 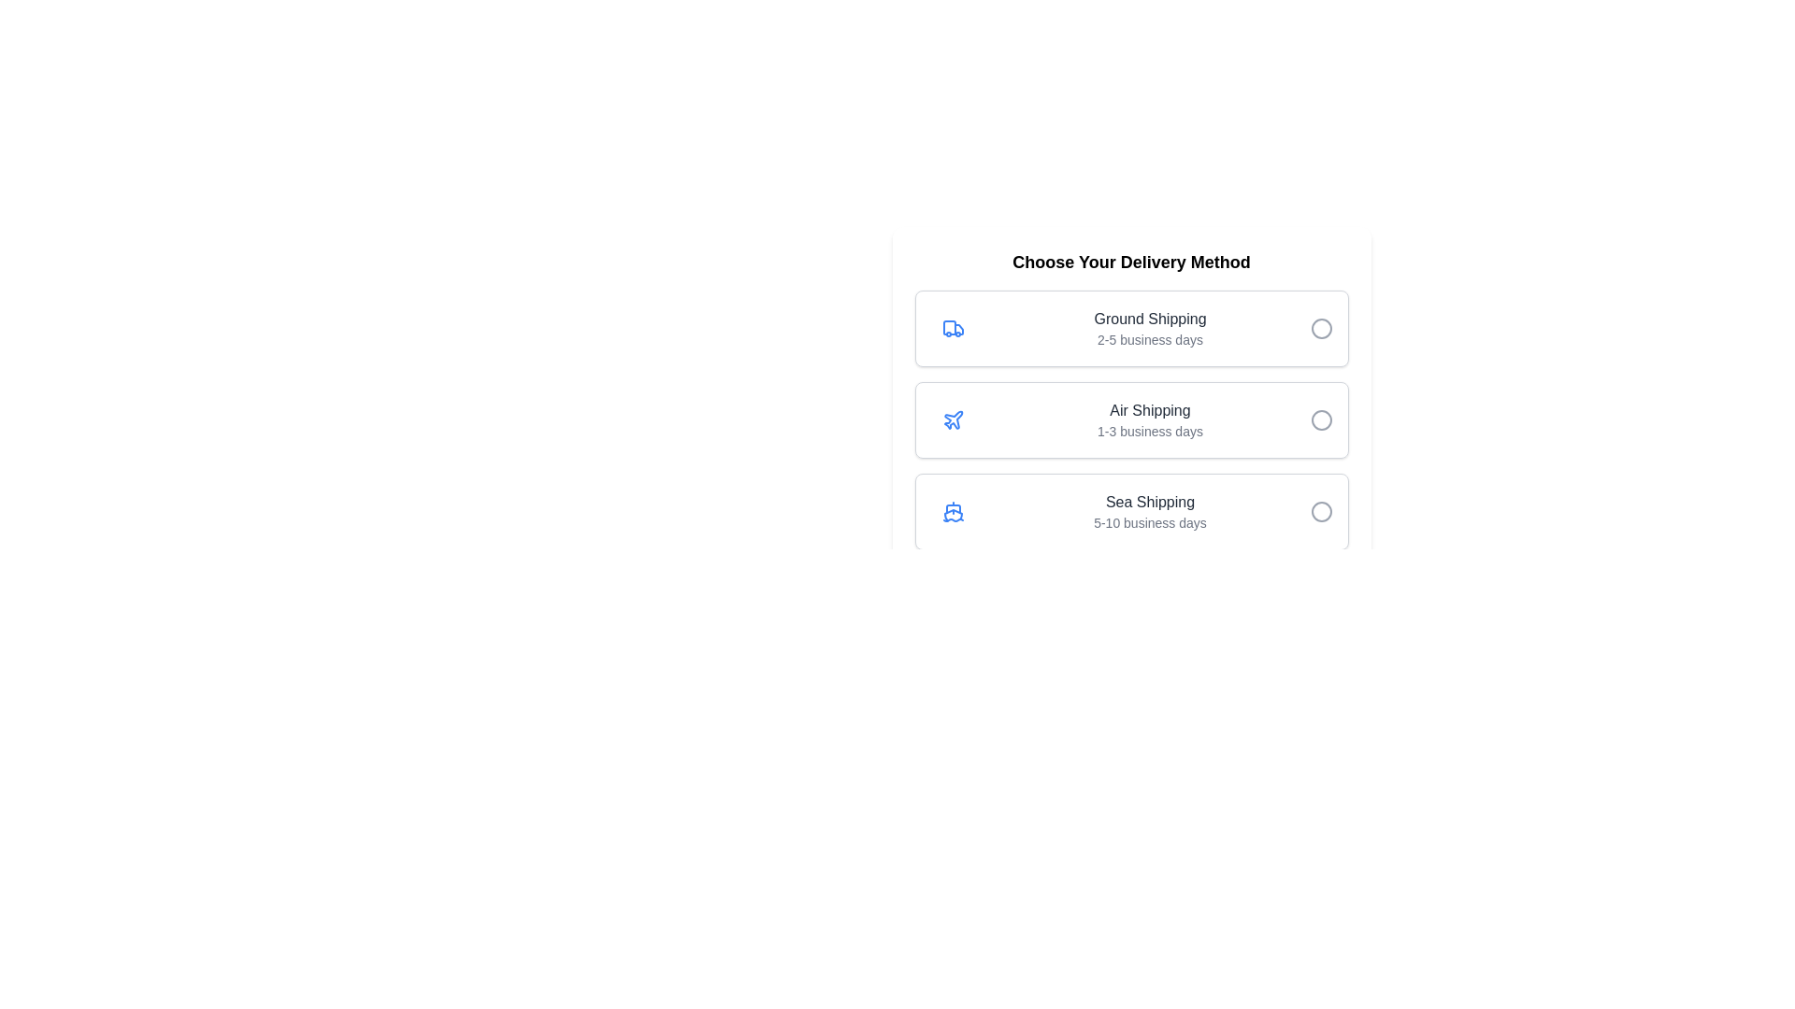 I want to click on the rear section of the truck icon in the delivery options list, located to the left of the 'Ground Shipping' label, so click(x=949, y=327).